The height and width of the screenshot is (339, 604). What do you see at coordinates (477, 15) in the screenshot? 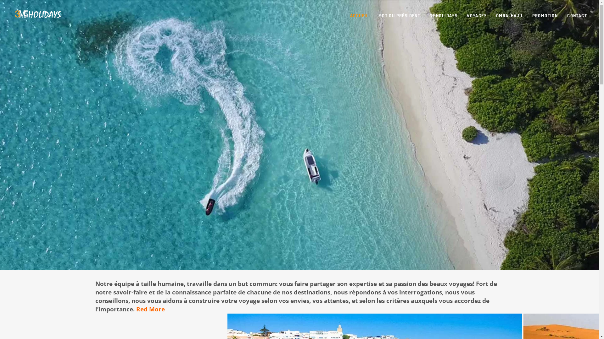
I see `'VOYAGES'` at bounding box center [477, 15].